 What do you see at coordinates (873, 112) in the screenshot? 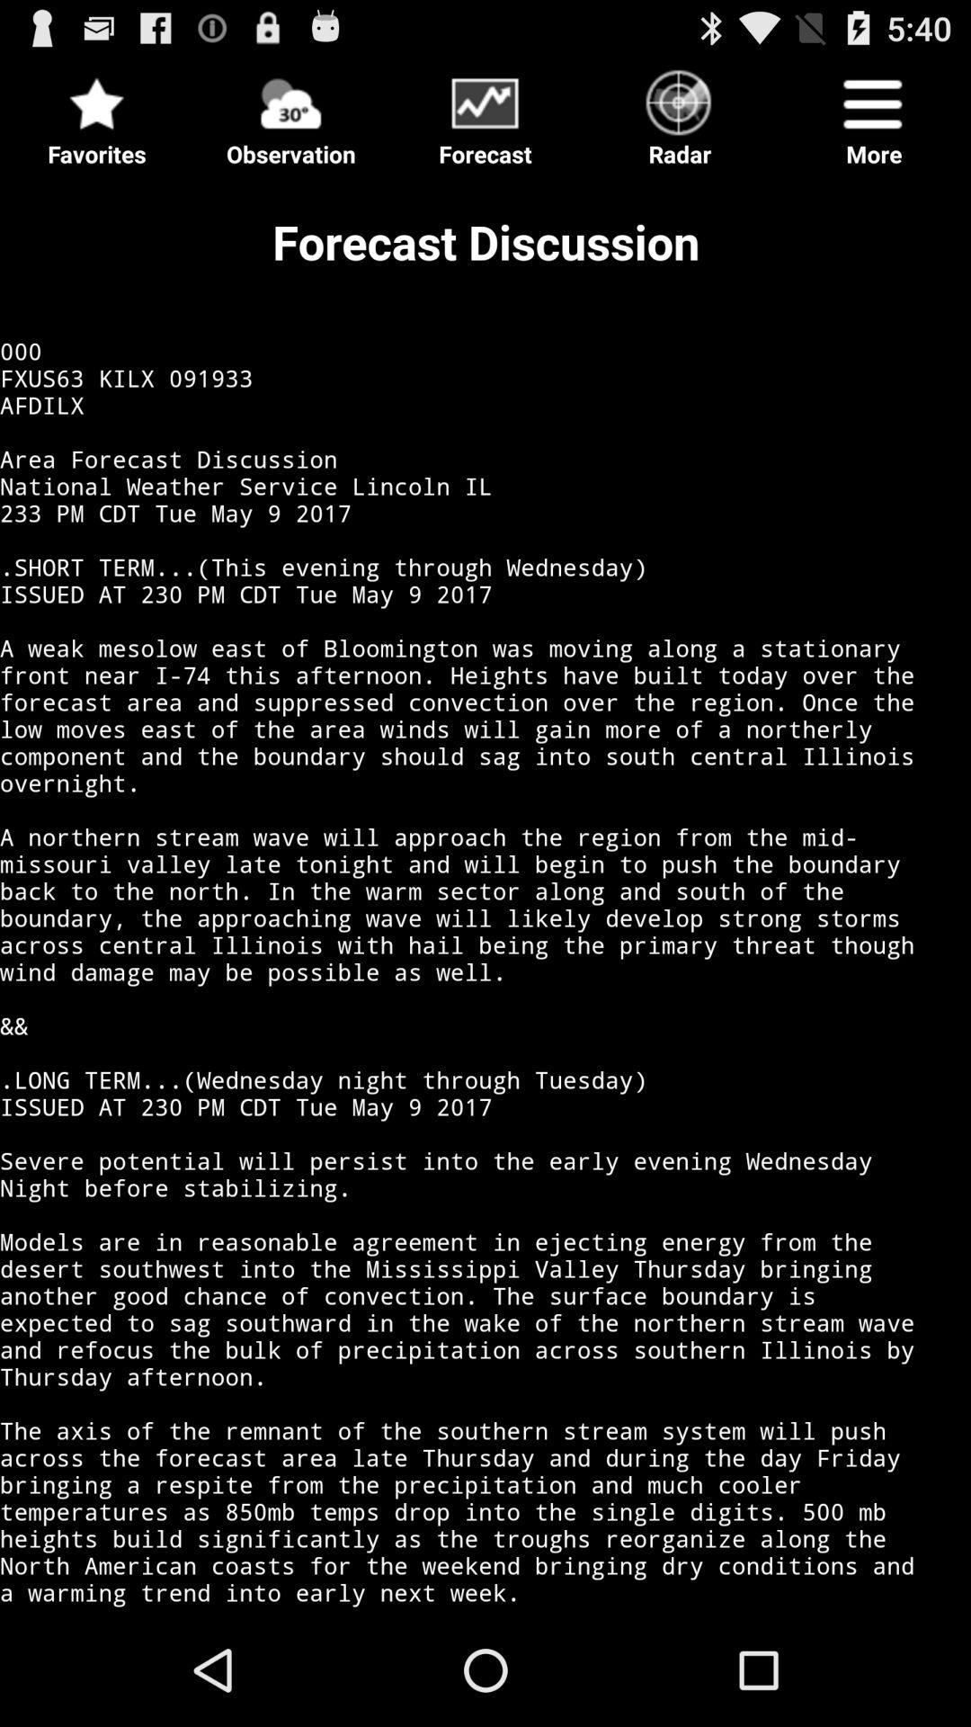
I see `item next to radar icon` at bounding box center [873, 112].